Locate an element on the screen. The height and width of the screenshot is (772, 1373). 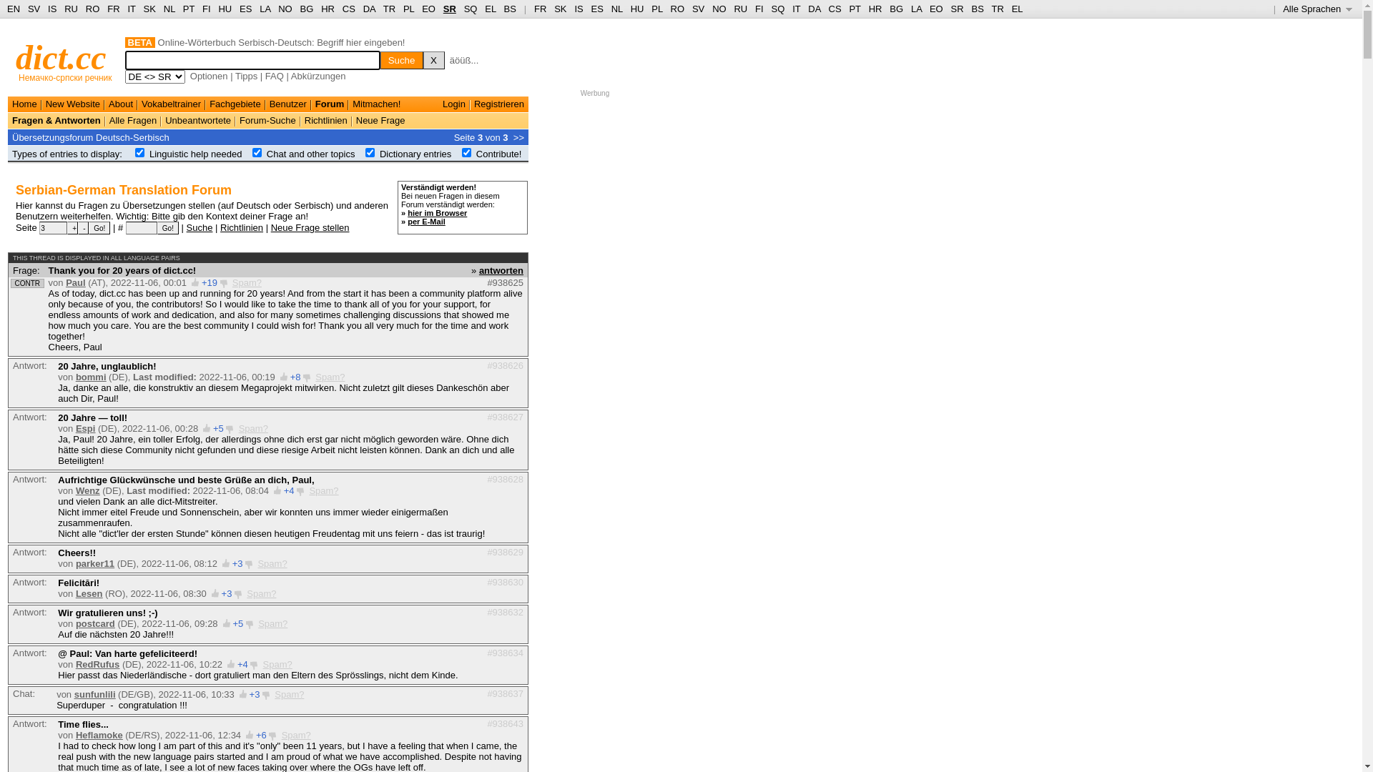
'X' is located at coordinates (433, 59).